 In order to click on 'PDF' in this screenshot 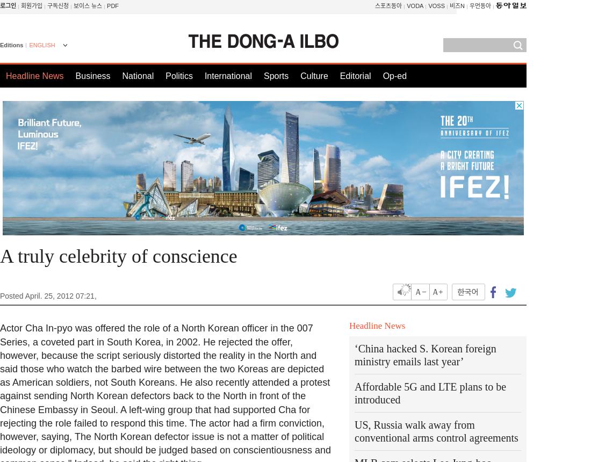, I will do `click(112, 6)`.